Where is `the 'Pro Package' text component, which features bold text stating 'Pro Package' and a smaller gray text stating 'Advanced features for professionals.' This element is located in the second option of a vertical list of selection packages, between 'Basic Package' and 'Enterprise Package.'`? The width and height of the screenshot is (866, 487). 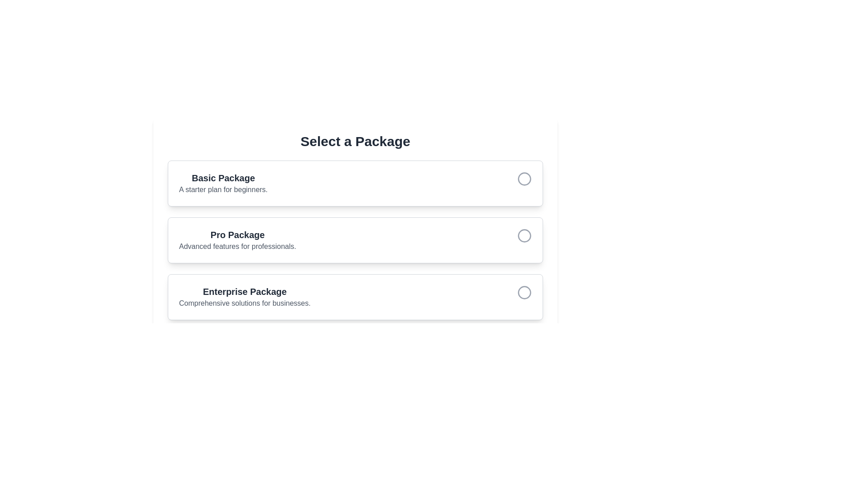
the 'Pro Package' text component, which features bold text stating 'Pro Package' and a smaller gray text stating 'Advanced features for professionals.' This element is located in the second option of a vertical list of selection packages, between 'Basic Package' and 'Enterprise Package.' is located at coordinates (237, 239).